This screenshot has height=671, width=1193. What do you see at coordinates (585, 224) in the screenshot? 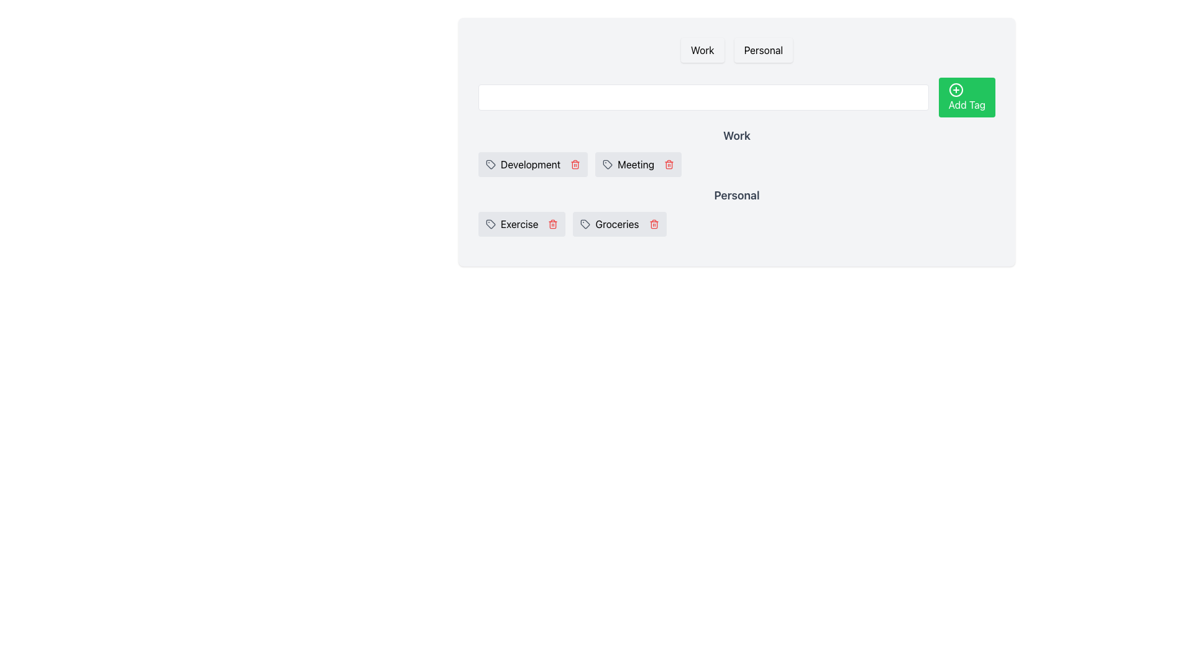
I see `the decorative icon resembling a tag, which is located to the left of the text 'Groceries' in the 'Personal' section` at bounding box center [585, 224].